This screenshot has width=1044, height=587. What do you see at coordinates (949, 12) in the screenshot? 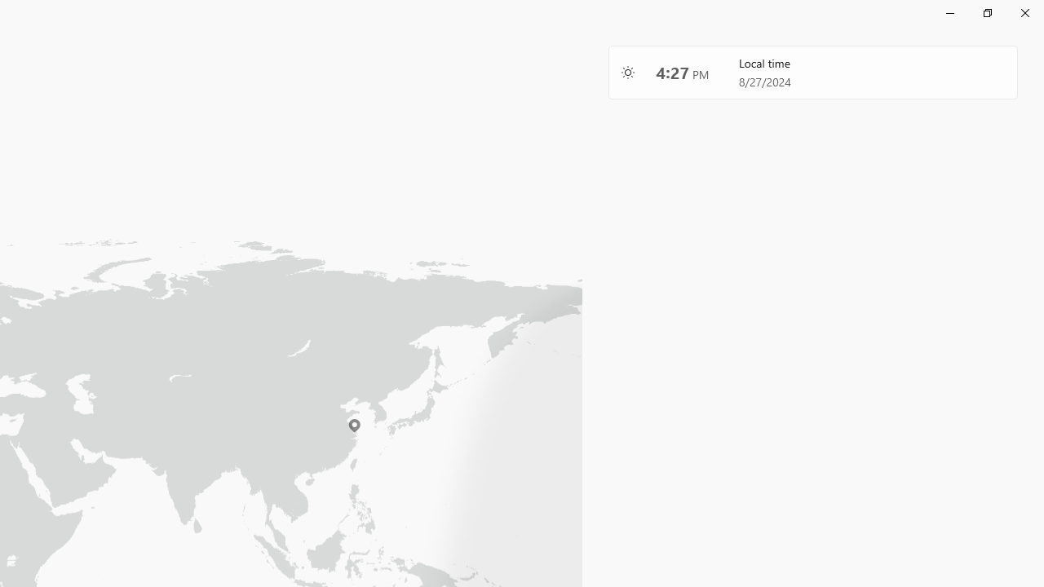
I see `'Minimize Clock'` at bounding box center [949, 12].